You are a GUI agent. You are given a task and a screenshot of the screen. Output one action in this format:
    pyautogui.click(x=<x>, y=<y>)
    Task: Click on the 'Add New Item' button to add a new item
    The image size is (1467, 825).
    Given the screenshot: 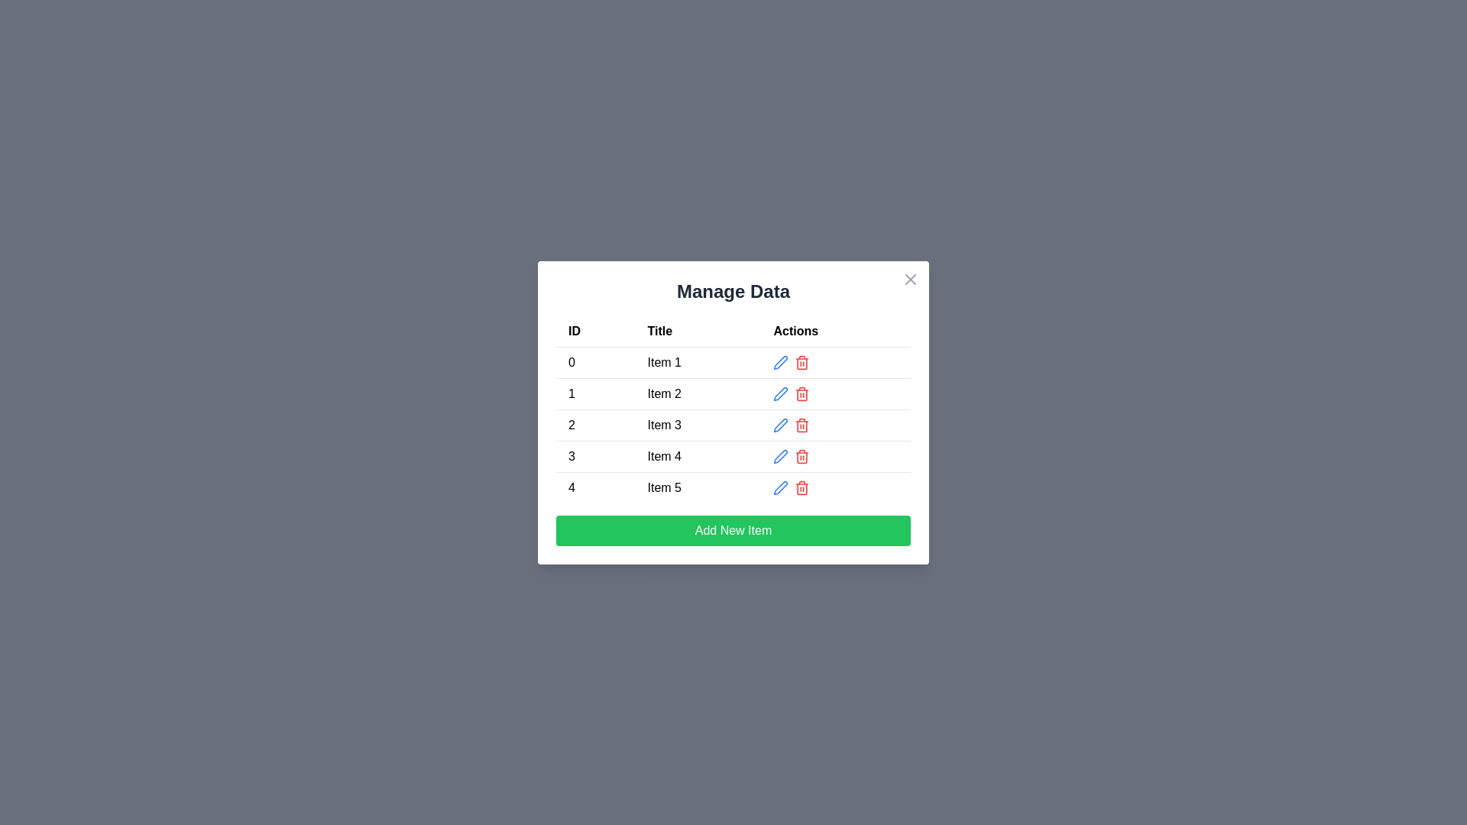 What is the action you would take?
    pyautogui.click(x=733, y=529)
    